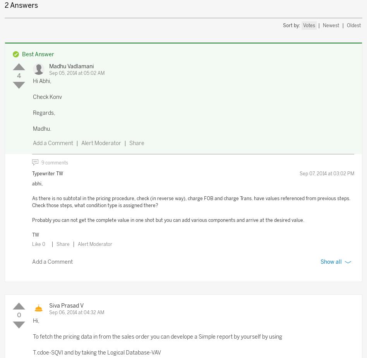 The image size is (367, 358). Describe the element at coordinates (19, 75) in the screenshot. I see `'4'` at that location.